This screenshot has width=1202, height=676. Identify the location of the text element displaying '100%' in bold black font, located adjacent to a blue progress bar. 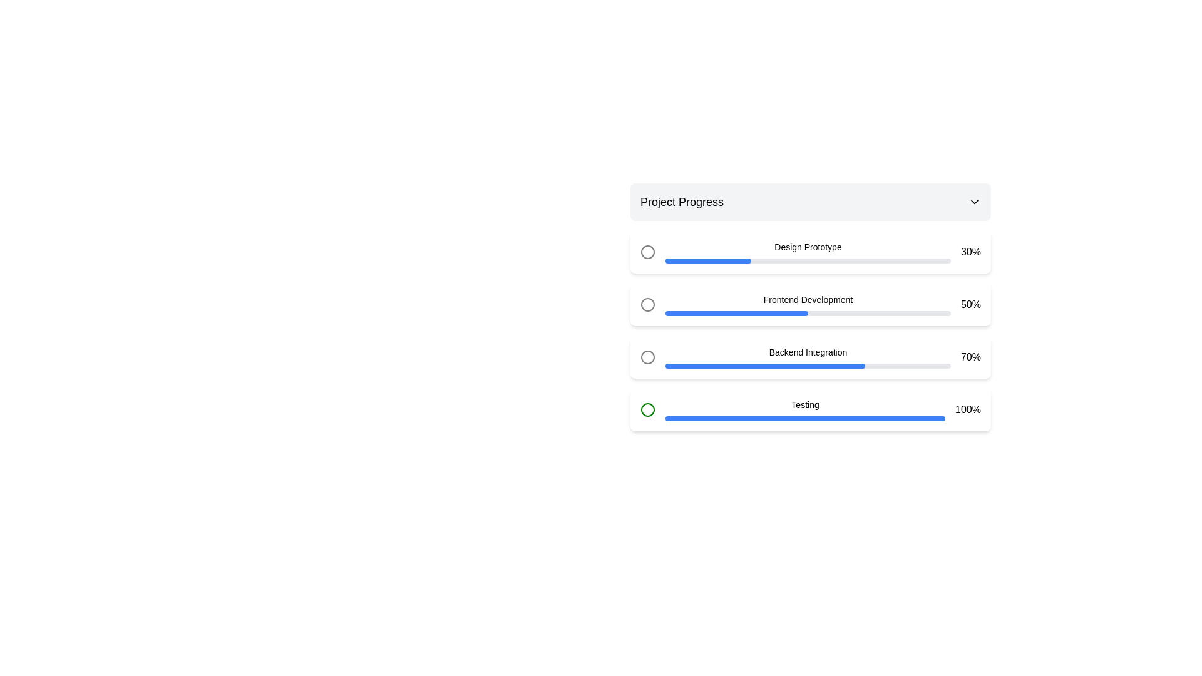
(967, 410).